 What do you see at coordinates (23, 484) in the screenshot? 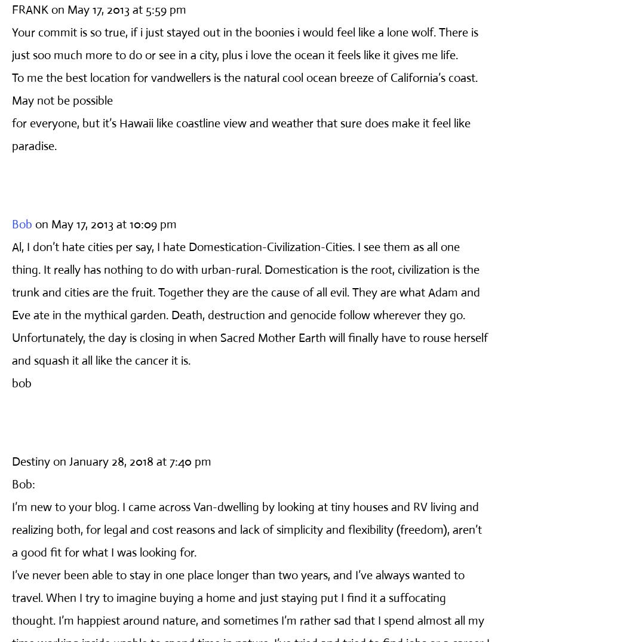
I see `'Bob:'` at bounding box center [23, 484].